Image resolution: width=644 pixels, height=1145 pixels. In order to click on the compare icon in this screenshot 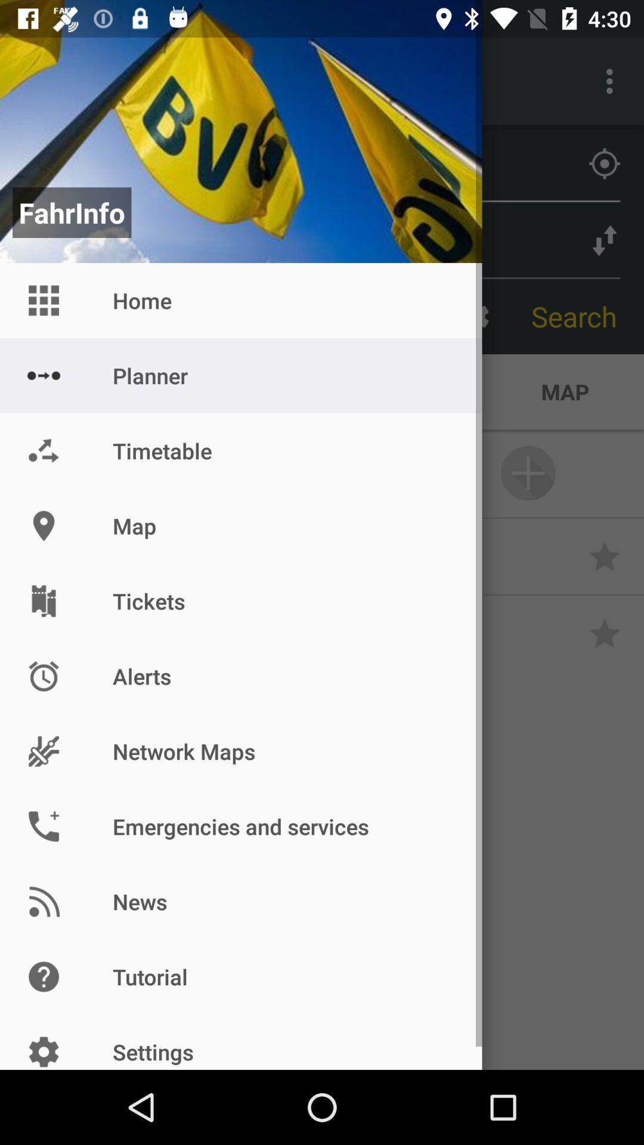, I will do `click(605, 240)`.